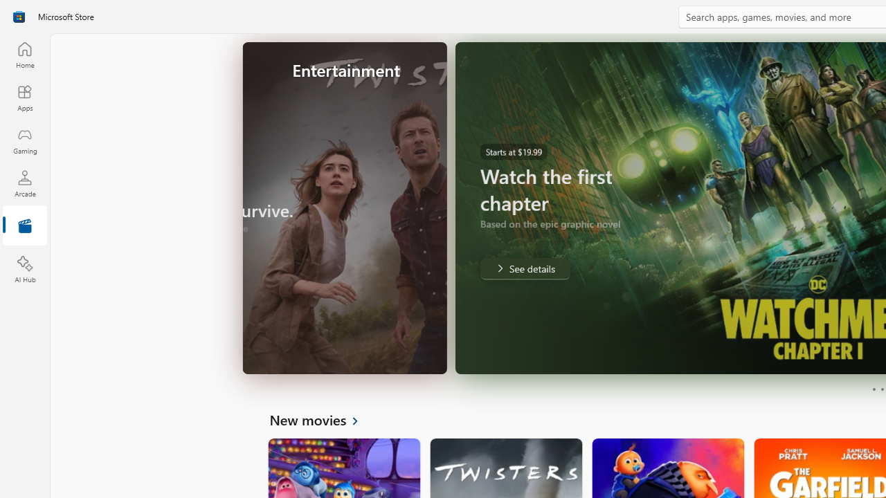 This screenshot has width=886, height=498. What do you see at coordinates (24, 97) in the screenshot?
I see `'Apps'` at bounding box center [24, 97].